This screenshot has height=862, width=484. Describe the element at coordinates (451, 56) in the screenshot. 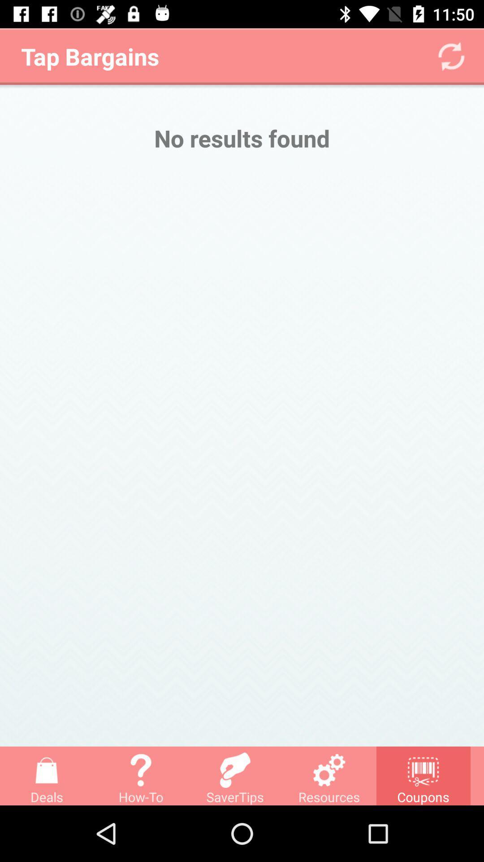

I see `the refresh icon` at that location.